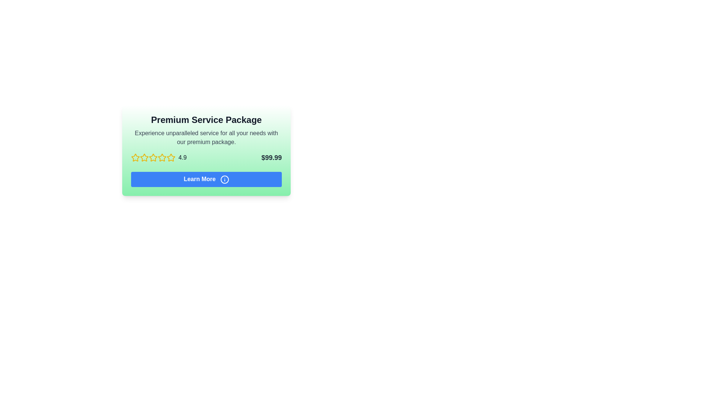 This screenshot has width=711, height=400. I want to click on the fourth star icon in the rating system, which indicates a fully selected state contributing to a rating of 4.9, so click(170, 157).